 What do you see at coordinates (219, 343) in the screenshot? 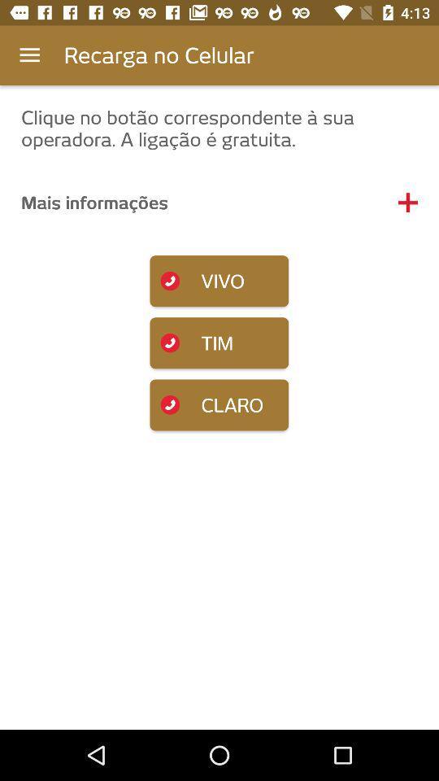
I see `tim` at bounding box center [219, 343].